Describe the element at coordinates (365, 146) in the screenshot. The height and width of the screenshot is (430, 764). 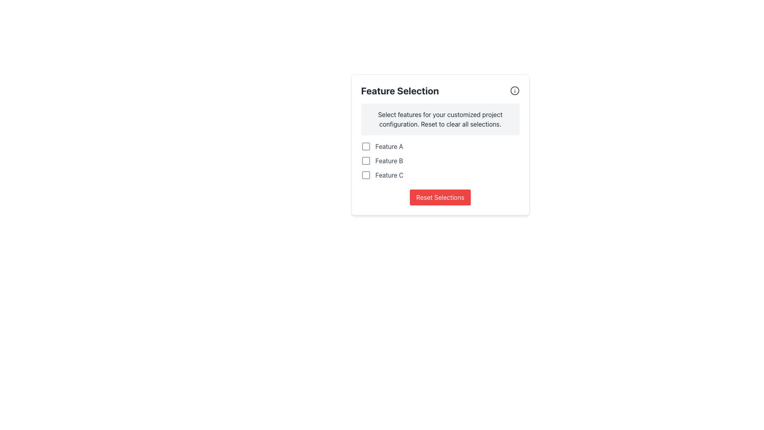
I see `the checkbox indicator for 'Feature A' located in the top-left region of its label in the vertical feature selection list` at that location.